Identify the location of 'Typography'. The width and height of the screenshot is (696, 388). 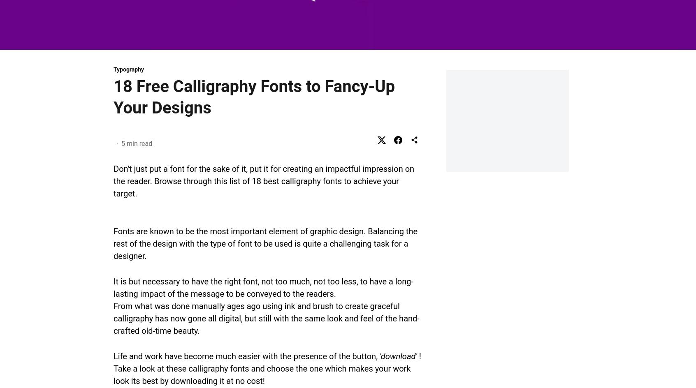
(128, 69).